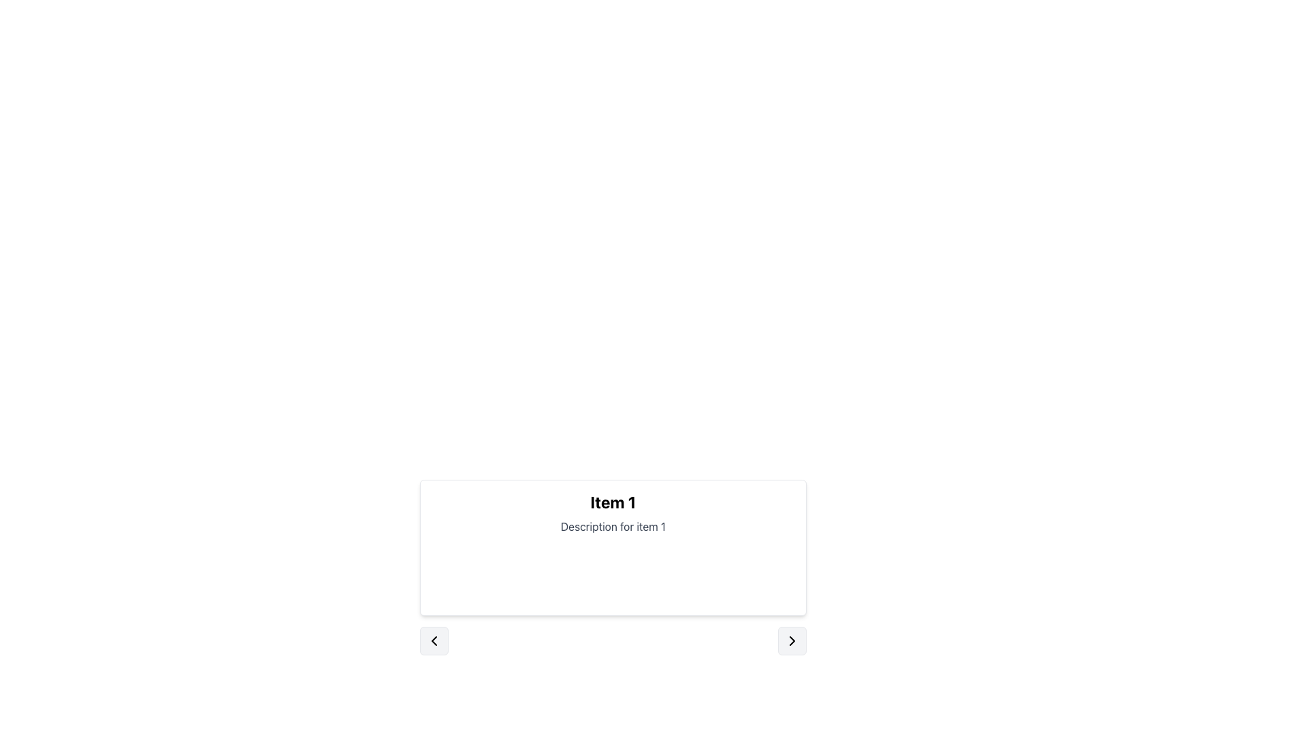 The image size is (1307, 735). I want to click on the central dot of the Navigation control bar located beneath 'Item 1', which allows users to select the current item, so click(613, 640).